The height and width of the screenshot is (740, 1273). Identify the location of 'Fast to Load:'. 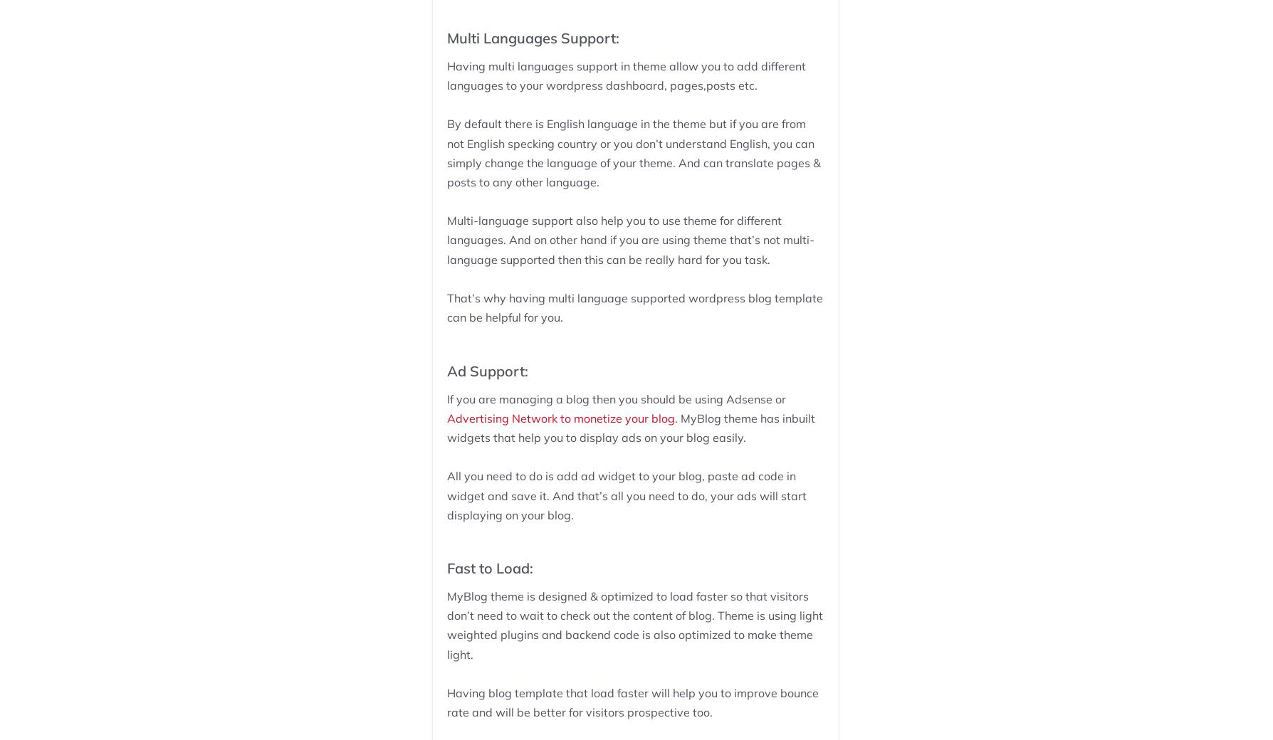
(488, 567).